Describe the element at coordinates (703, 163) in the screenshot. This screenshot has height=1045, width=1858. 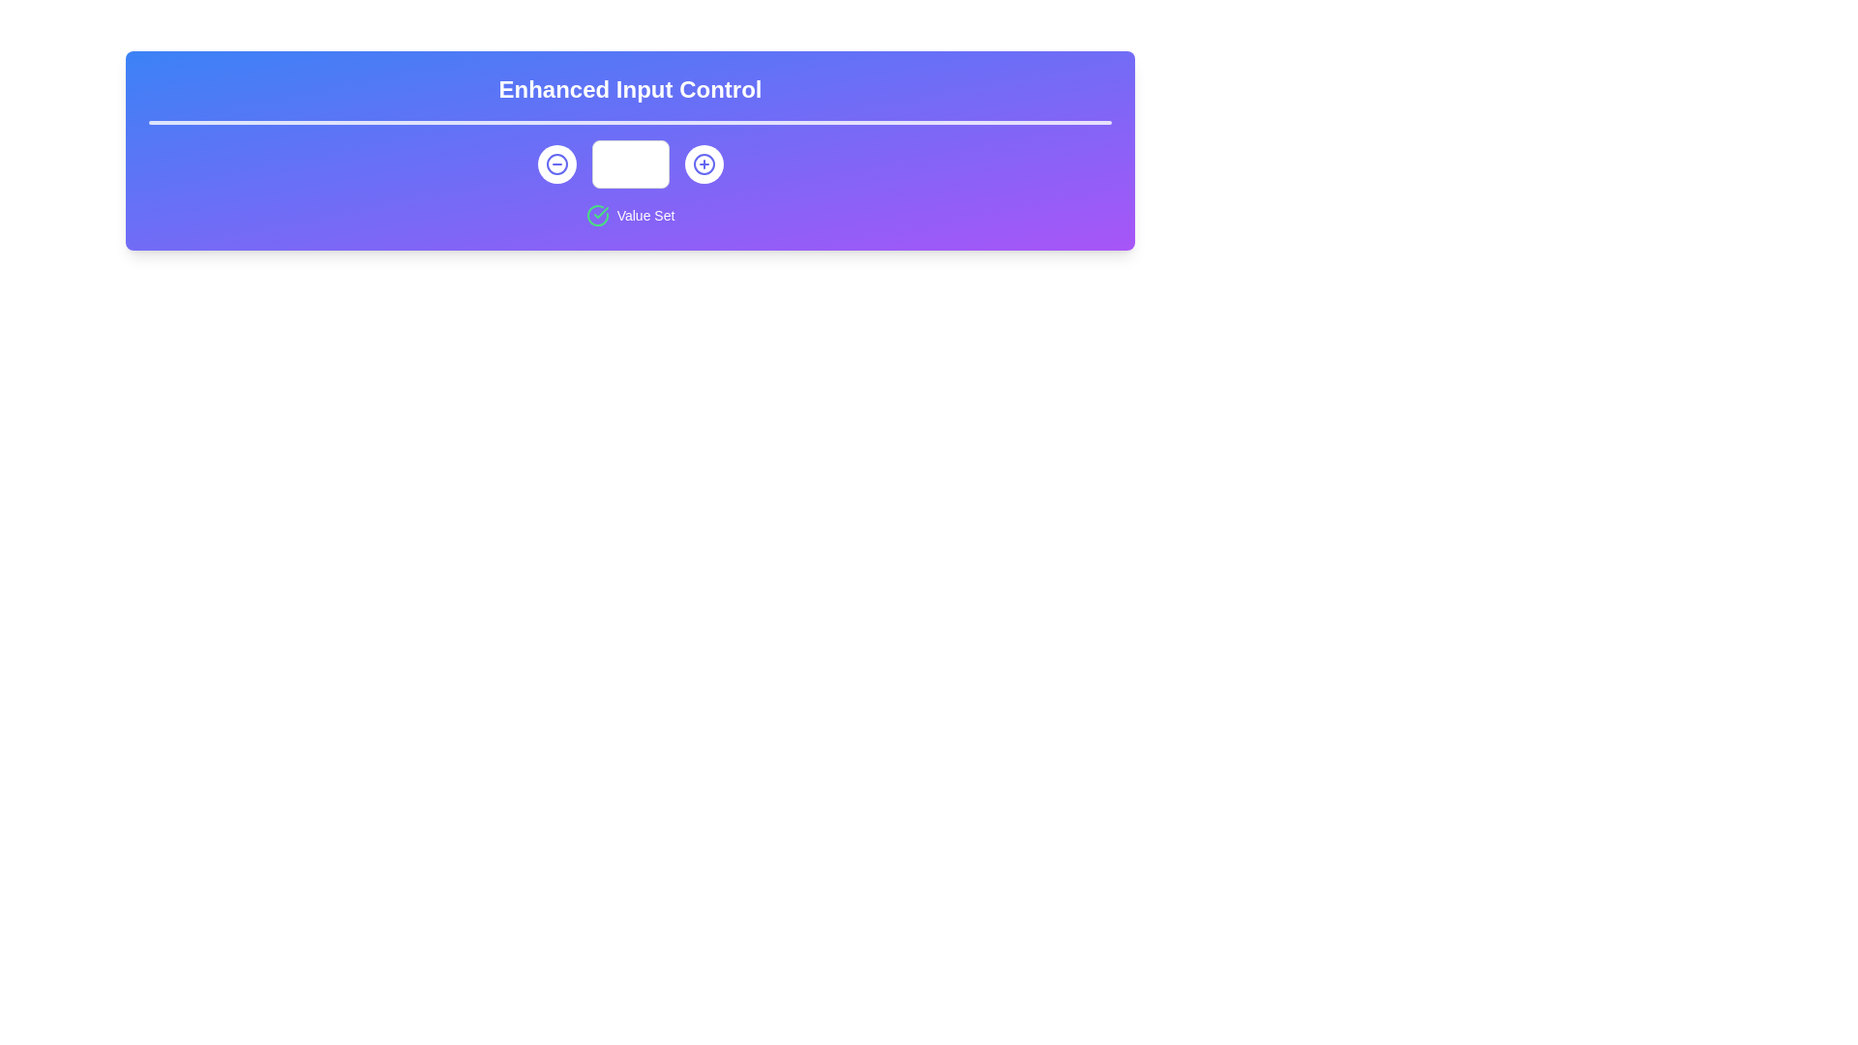
I see `the circular button with a white background and a blue plus sign icon to observe any visual changes` at that location.